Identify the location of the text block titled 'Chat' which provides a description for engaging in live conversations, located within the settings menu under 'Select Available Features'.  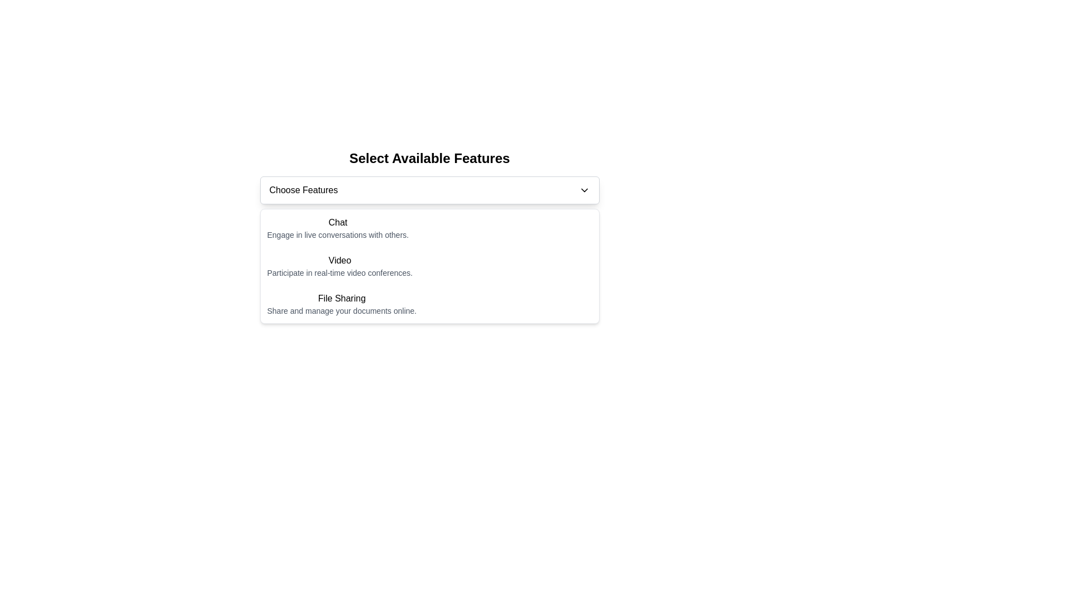
(337, 227).